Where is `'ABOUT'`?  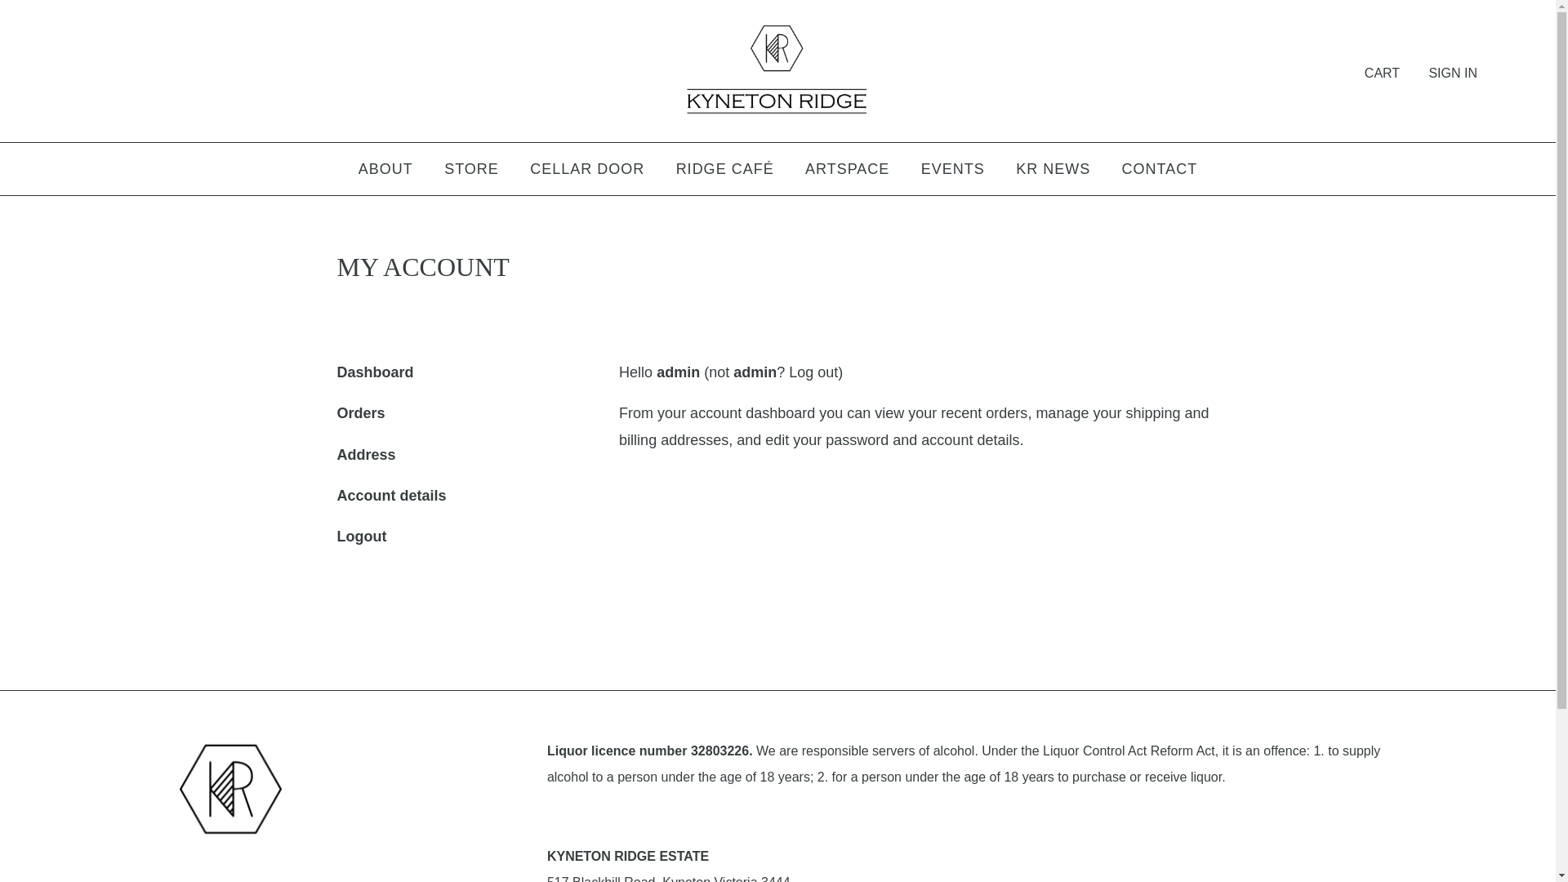
'ABOUT' is located at coordinates (385, 172).